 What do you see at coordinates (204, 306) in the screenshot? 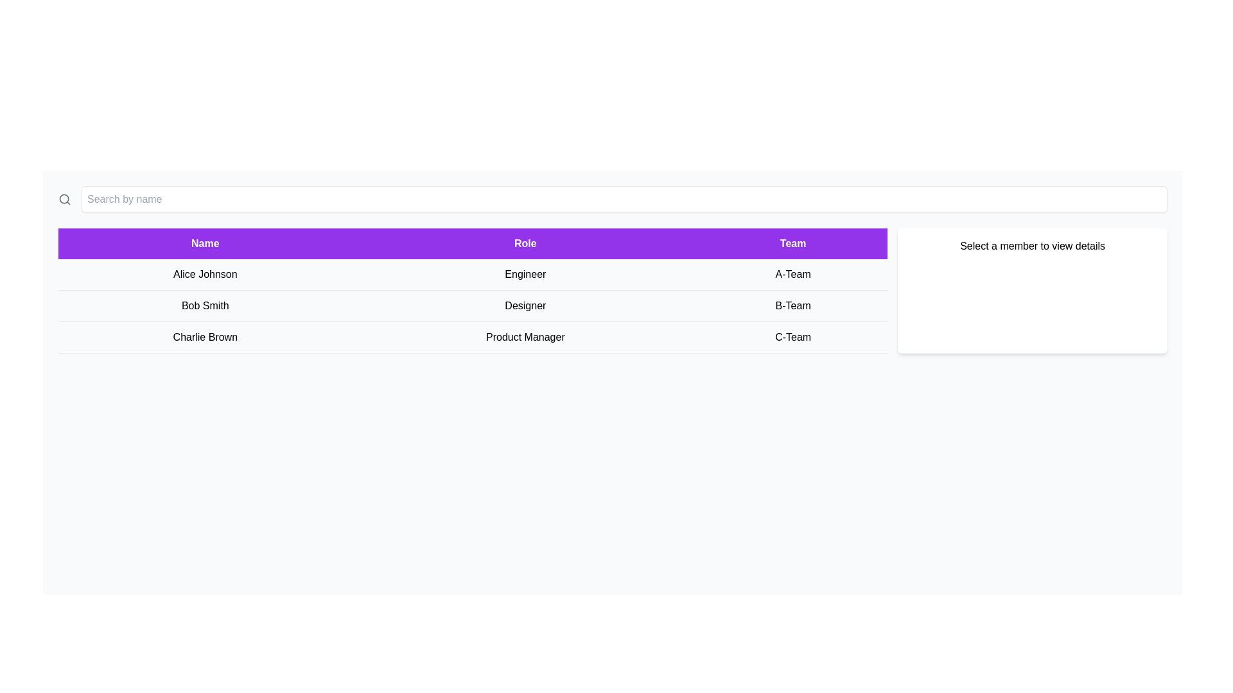
I see `the text label displaying 'Bob Smith'` at bounding box center [204, 306].